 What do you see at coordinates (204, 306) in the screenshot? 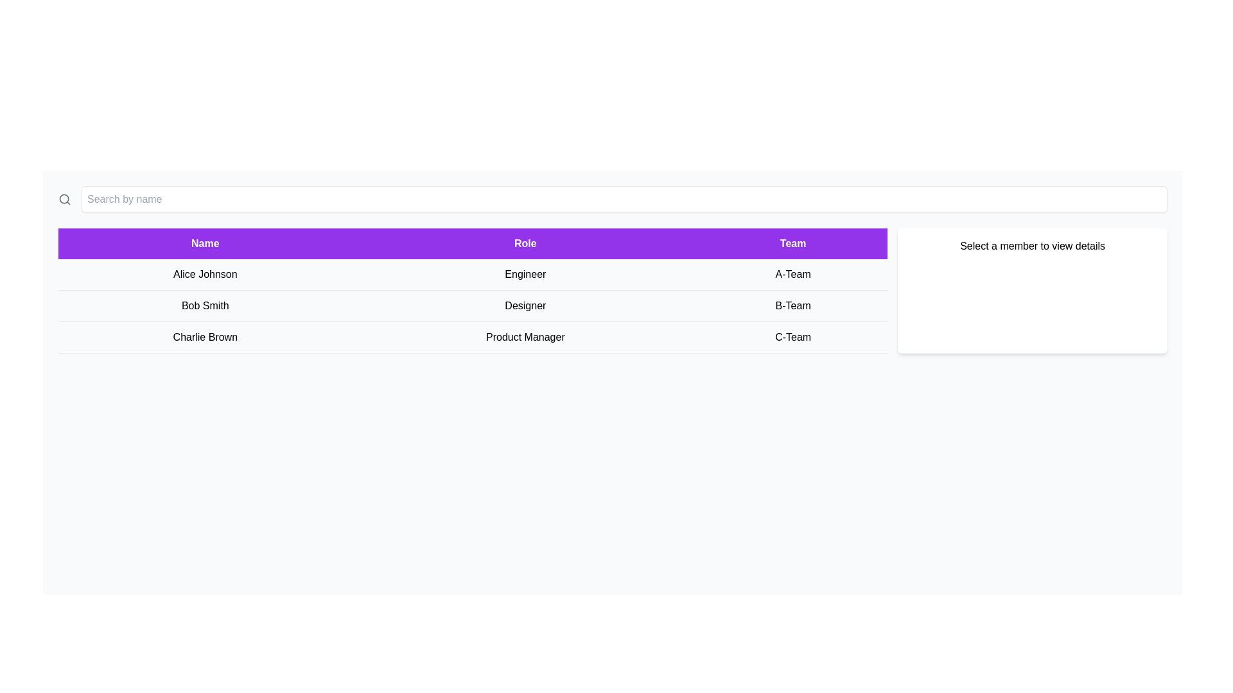
I see `the text label displaying 'Bob Smith'` at bounding box center [204, 306].